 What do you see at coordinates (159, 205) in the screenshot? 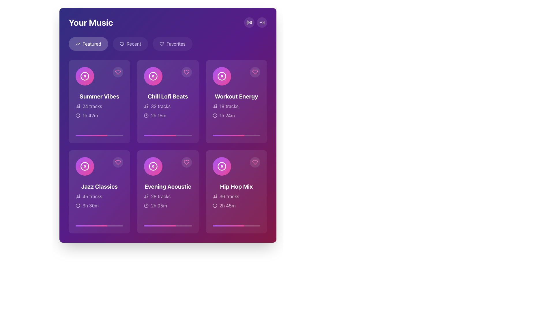
I see `displayed duration '2h 05m' from the Label or Text Display located at the bottom of the 'Evening Acoustic' music card, adjacent to the clock icon` at bounding box center [159, 205].